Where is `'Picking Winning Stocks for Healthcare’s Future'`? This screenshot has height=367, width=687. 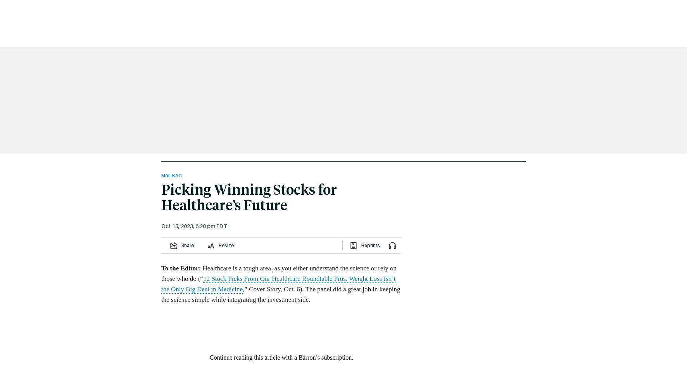
'Picking Winning Stocks for Healthcare’s Future' is located at coordinates (249, 198).